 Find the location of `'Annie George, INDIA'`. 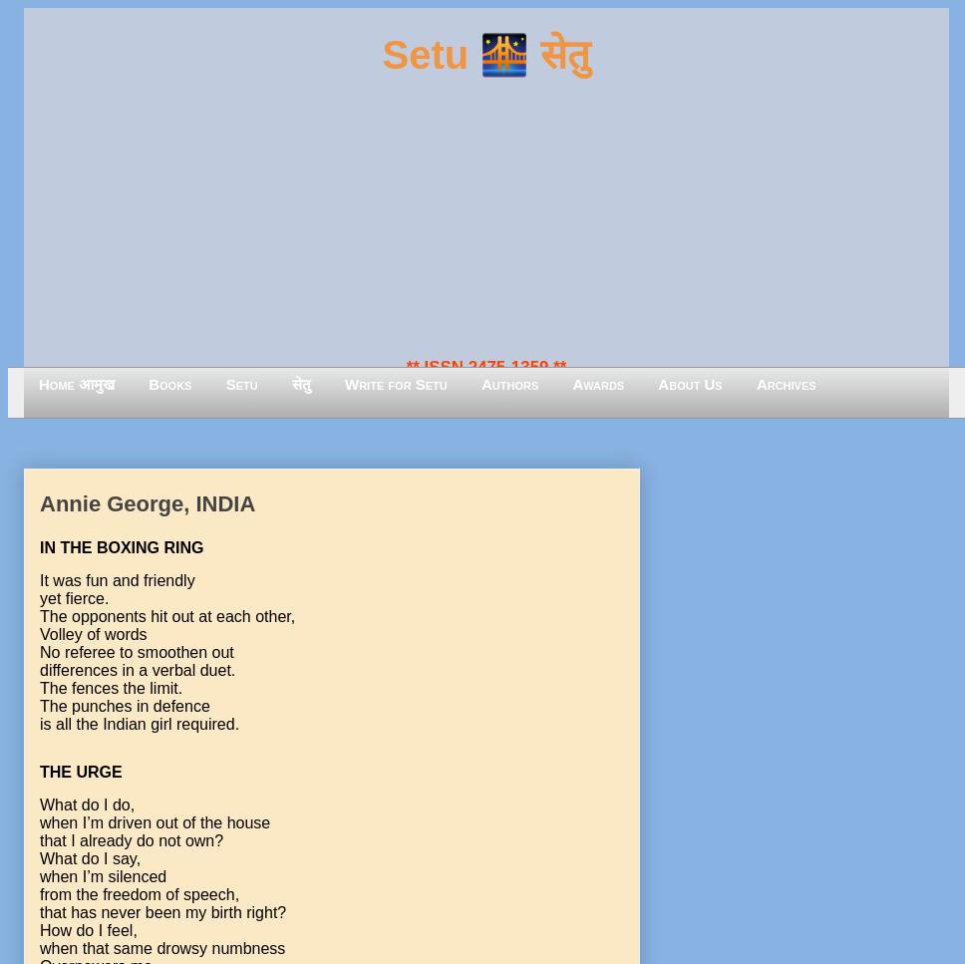

'Annie George, INDIA' is located at coordinates (39, 502).